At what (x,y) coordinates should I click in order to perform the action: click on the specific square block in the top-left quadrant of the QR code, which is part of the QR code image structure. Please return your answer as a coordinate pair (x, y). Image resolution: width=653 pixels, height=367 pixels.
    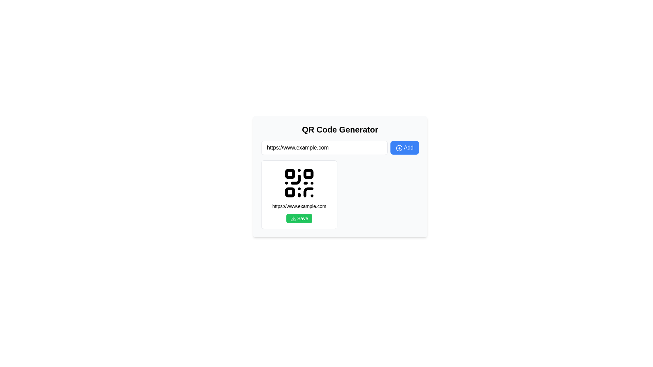
    Looking at the image, I should click on (290, 173).